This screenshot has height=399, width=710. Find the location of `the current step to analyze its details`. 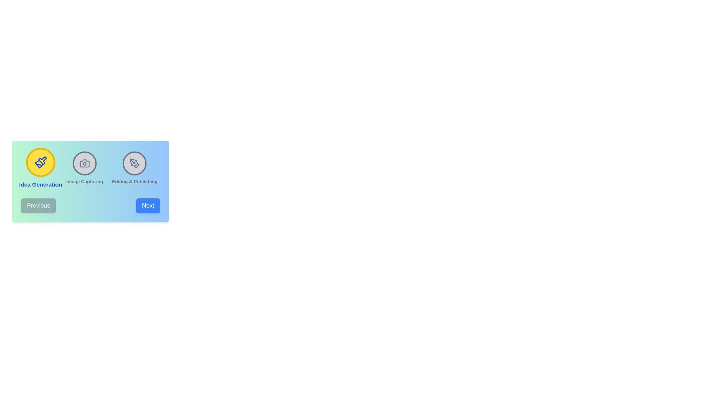

the current step to analyze its details is located at coordinates (40, 168).